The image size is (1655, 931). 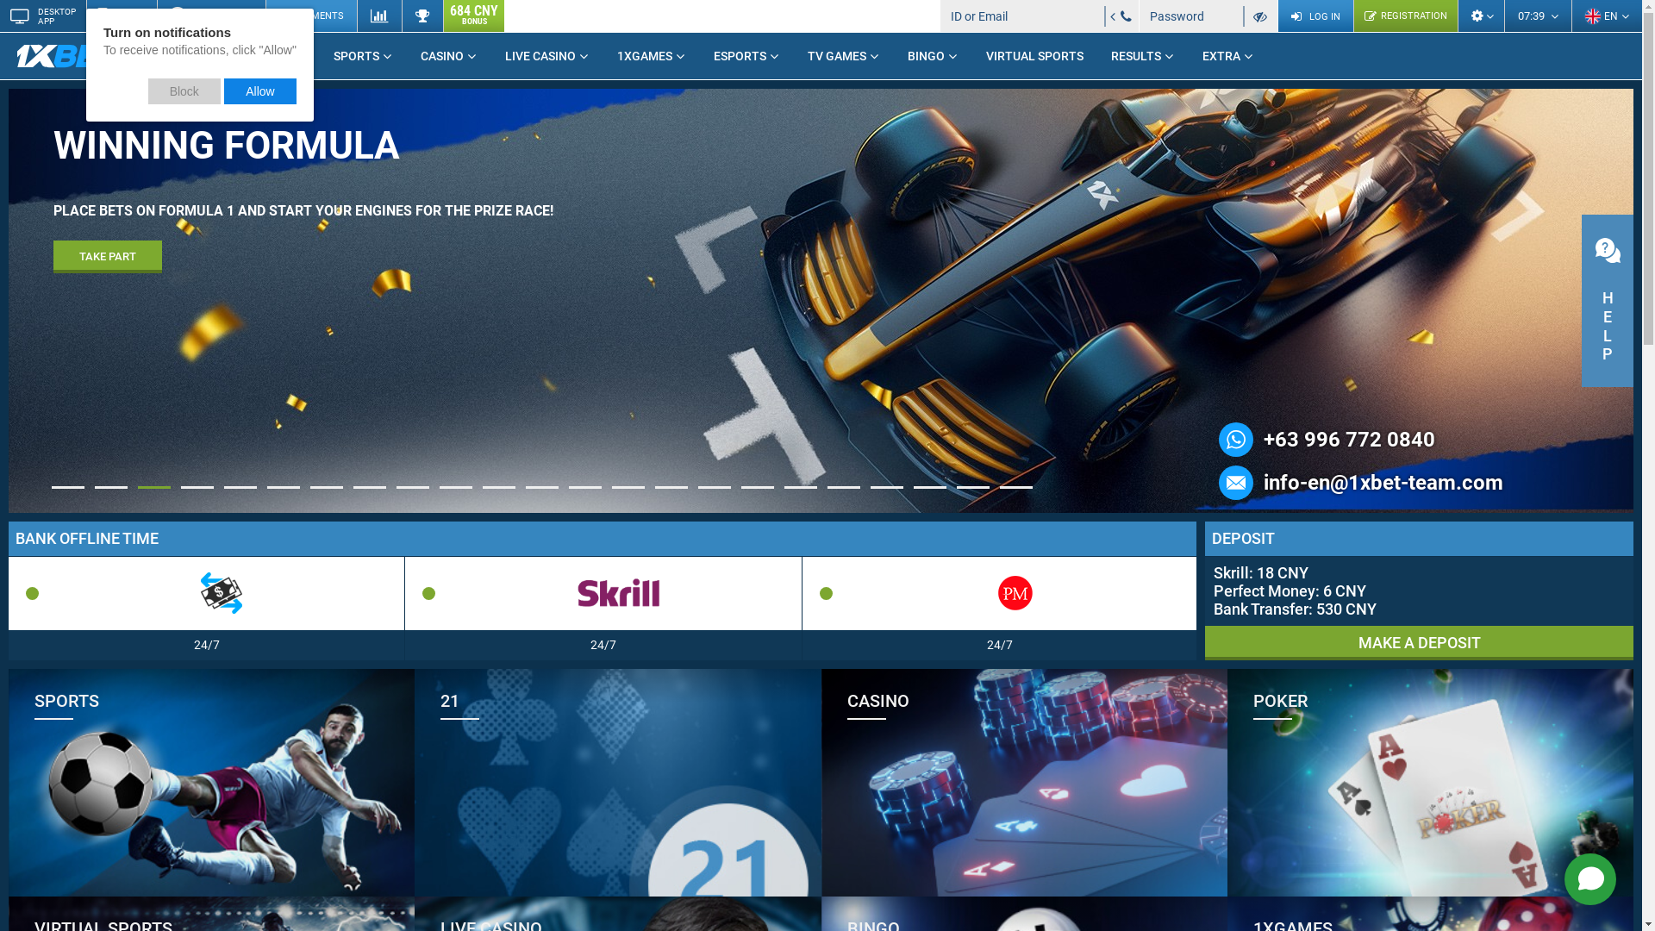 What do you see at coordinates (1480, 16) in the screenshot?
I see `'Settings'` at bounding box center [1480, 16].